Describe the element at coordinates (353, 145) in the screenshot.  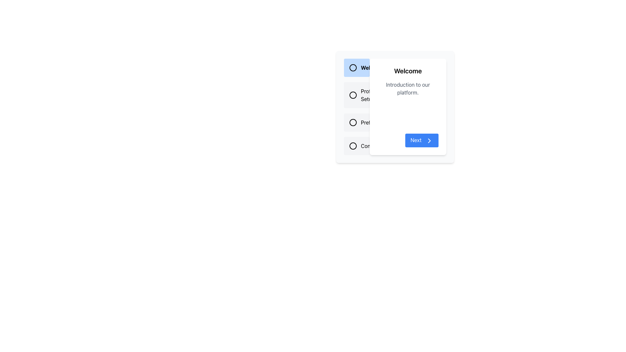
I see `the SVG circle icon that visually denotes the active state of the fourth item in the list next to 'Contact Us'` at that location.